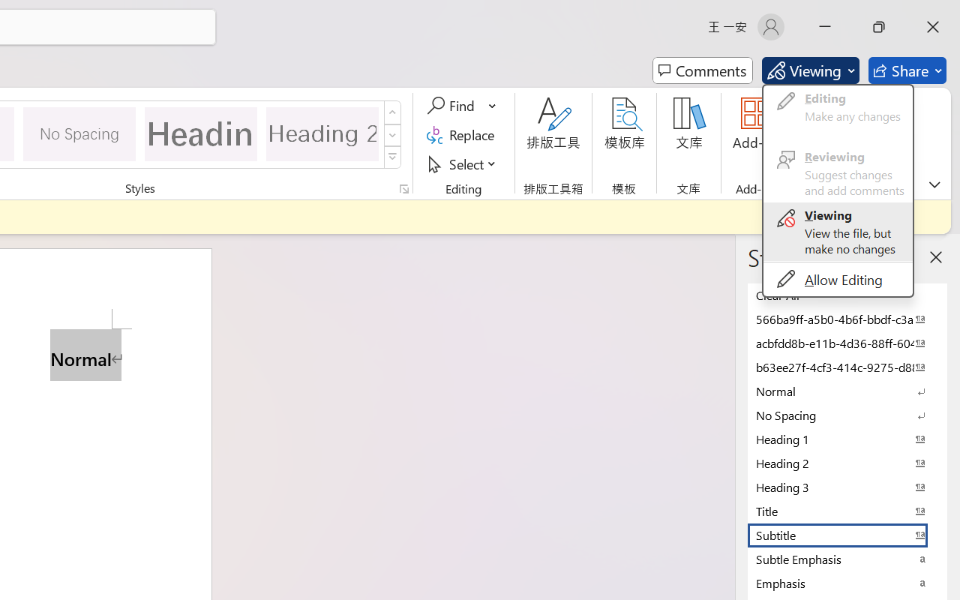 The image size is (960, 600). I want to click on 'Select', so click(463, 163).